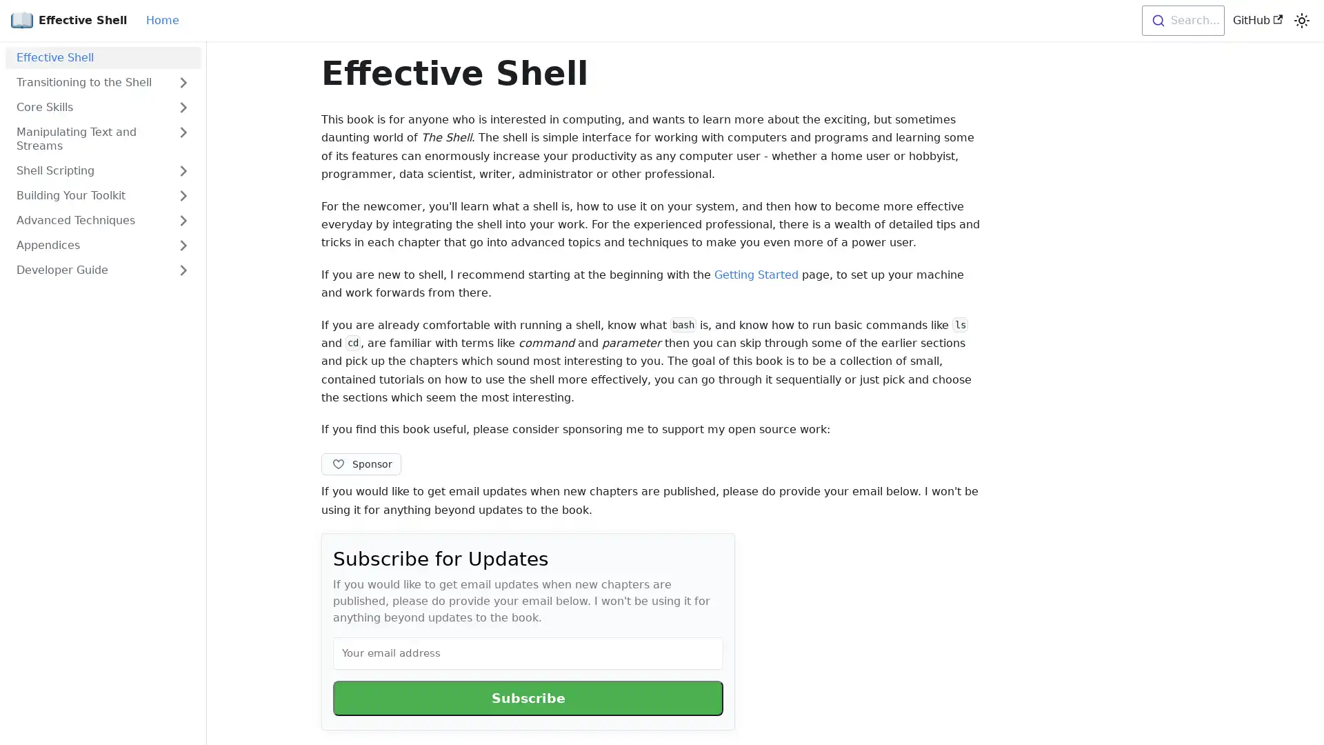 This screenshot has height=745, width=1324. Describe the element at coordinates (1301, 21) in the screenshot. I see `Switch between dark and light mode (currently light mode)` at that location.